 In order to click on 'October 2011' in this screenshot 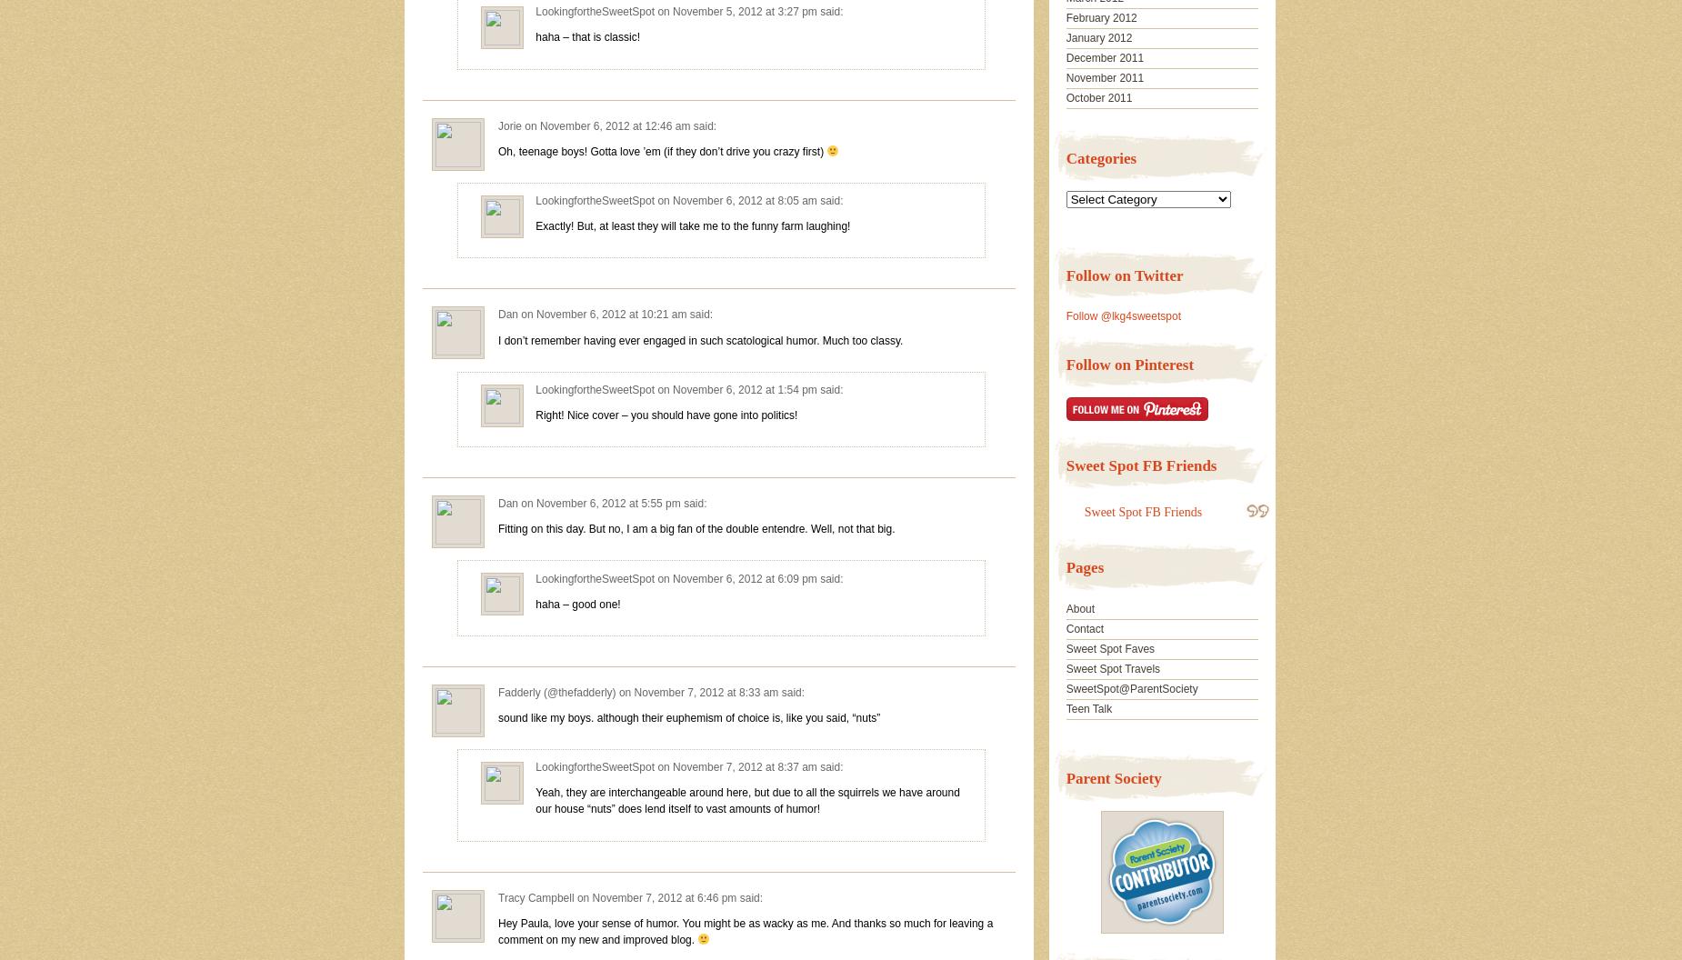, I will do `click(1064, 95)`.